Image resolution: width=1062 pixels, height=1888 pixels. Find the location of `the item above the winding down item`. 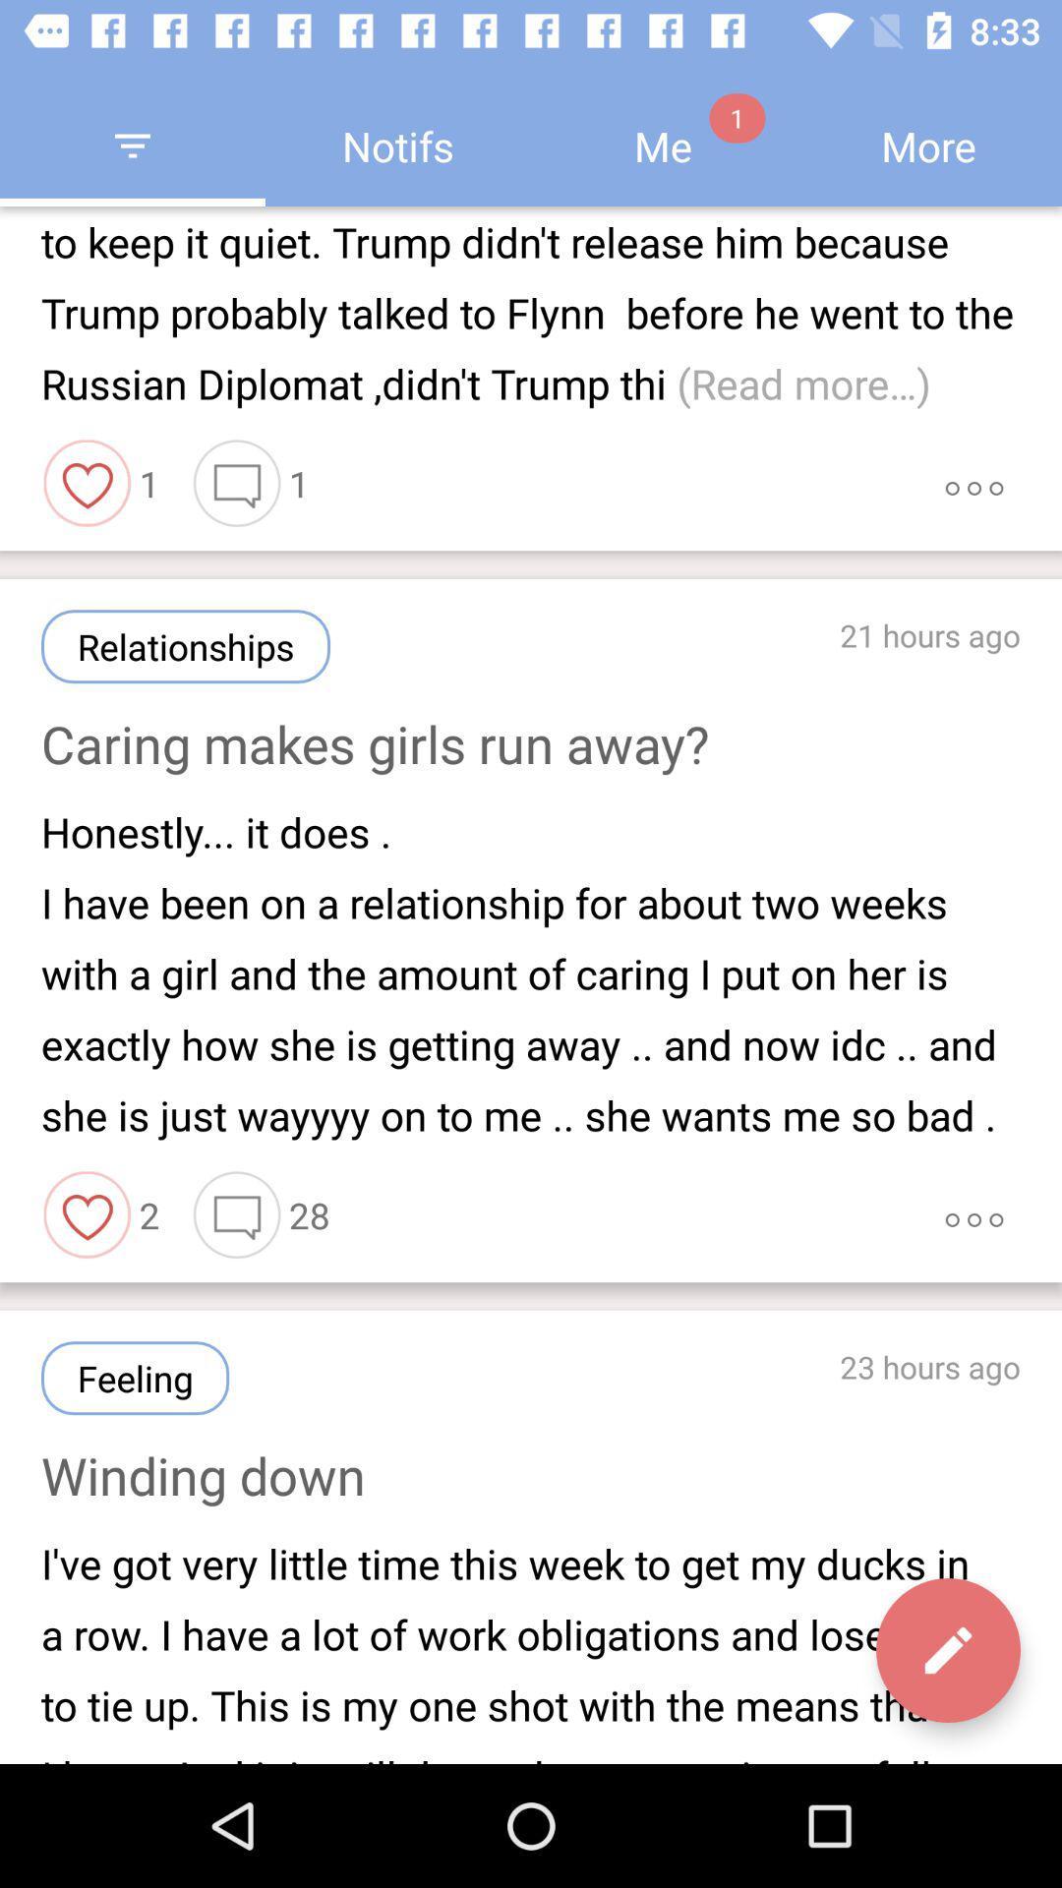

the item above the winding down item is located at coordinates (134, 1377).